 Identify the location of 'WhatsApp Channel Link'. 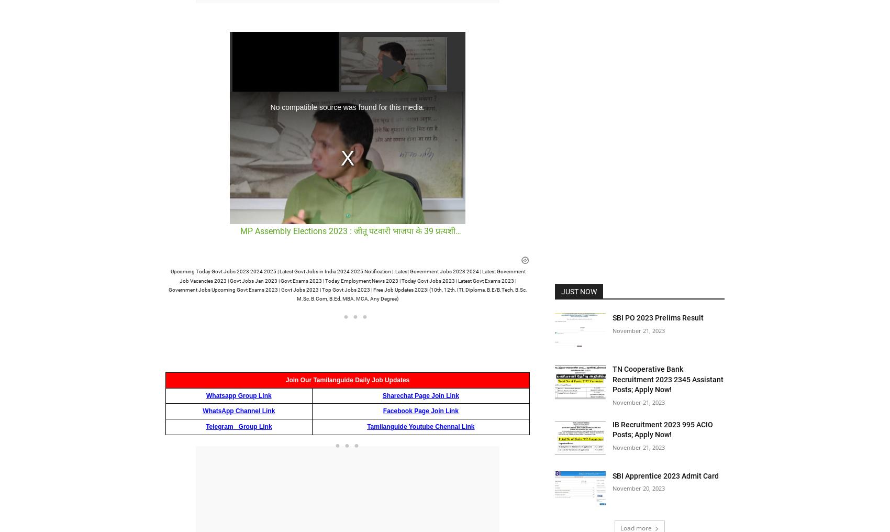
(238, 410).